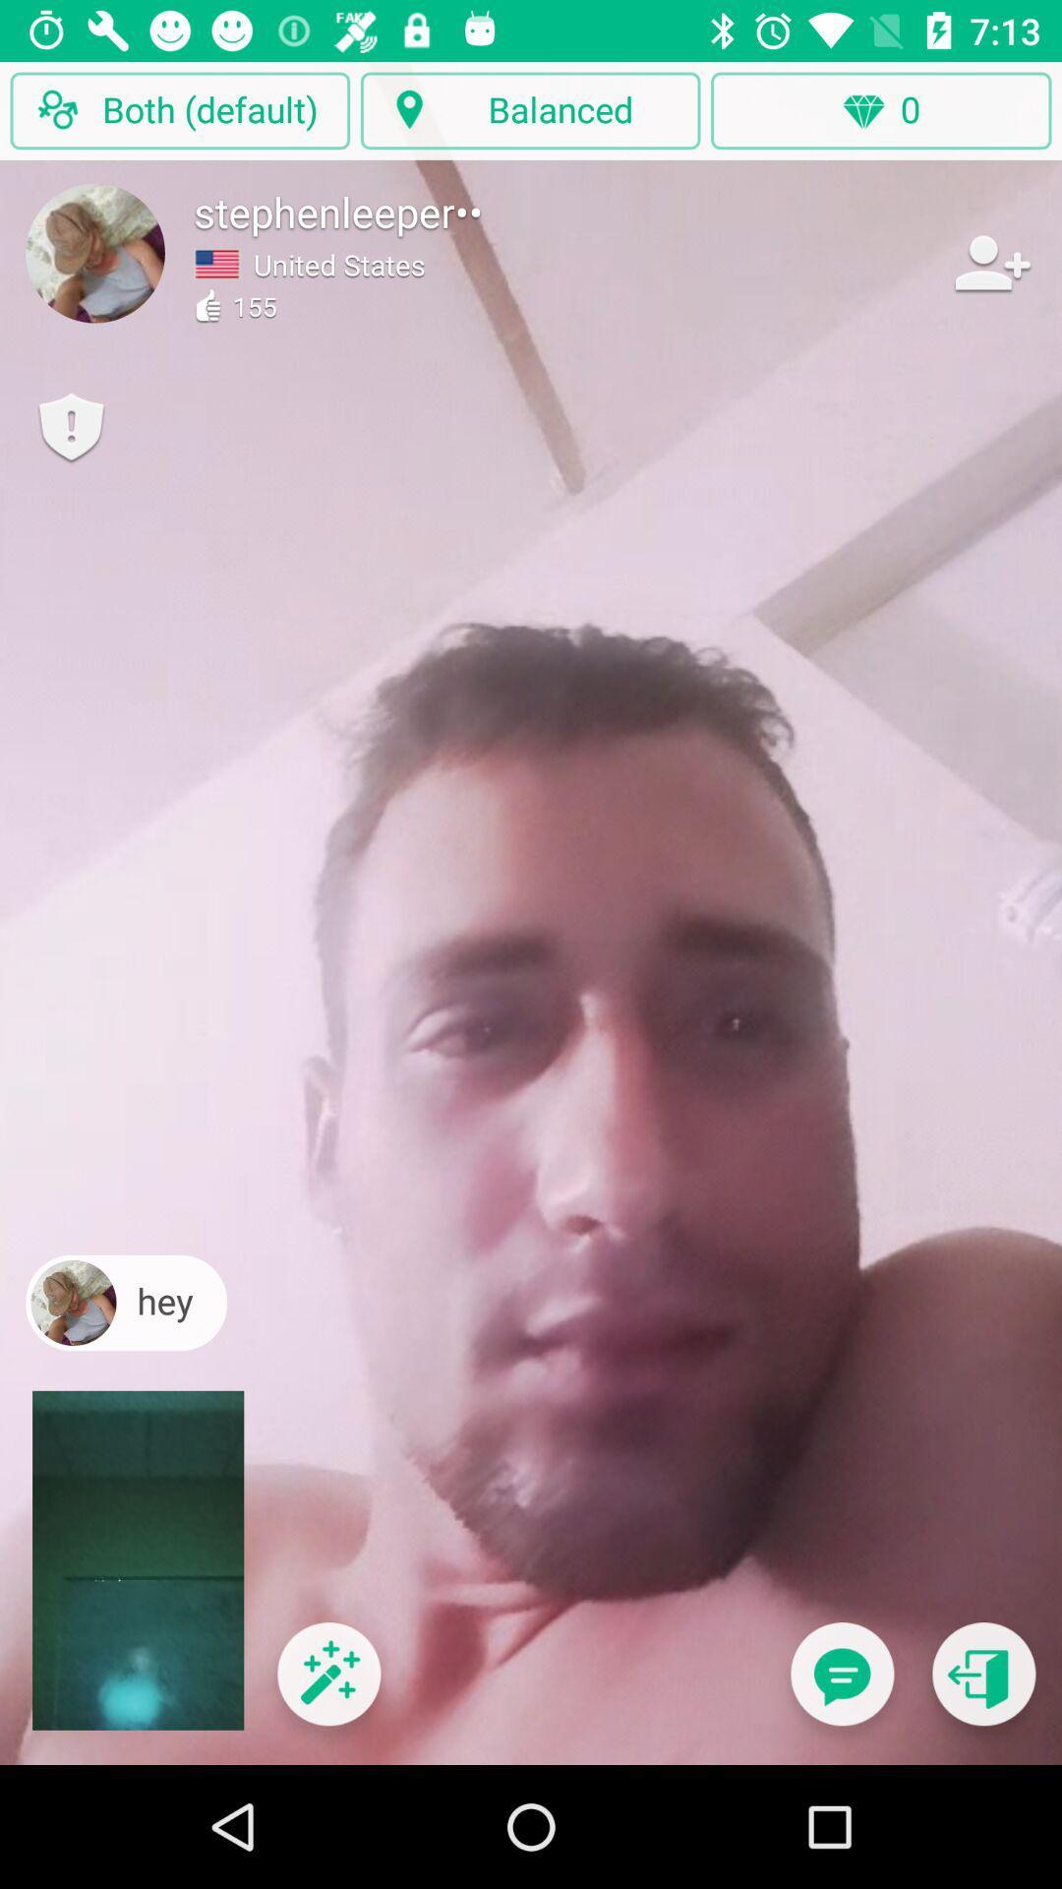 This screenshot has height=1889, width=1062. What do you see at coordinates (990, 262) in the screenshot?
I see `to contacts` at bounding box center [990, 262].